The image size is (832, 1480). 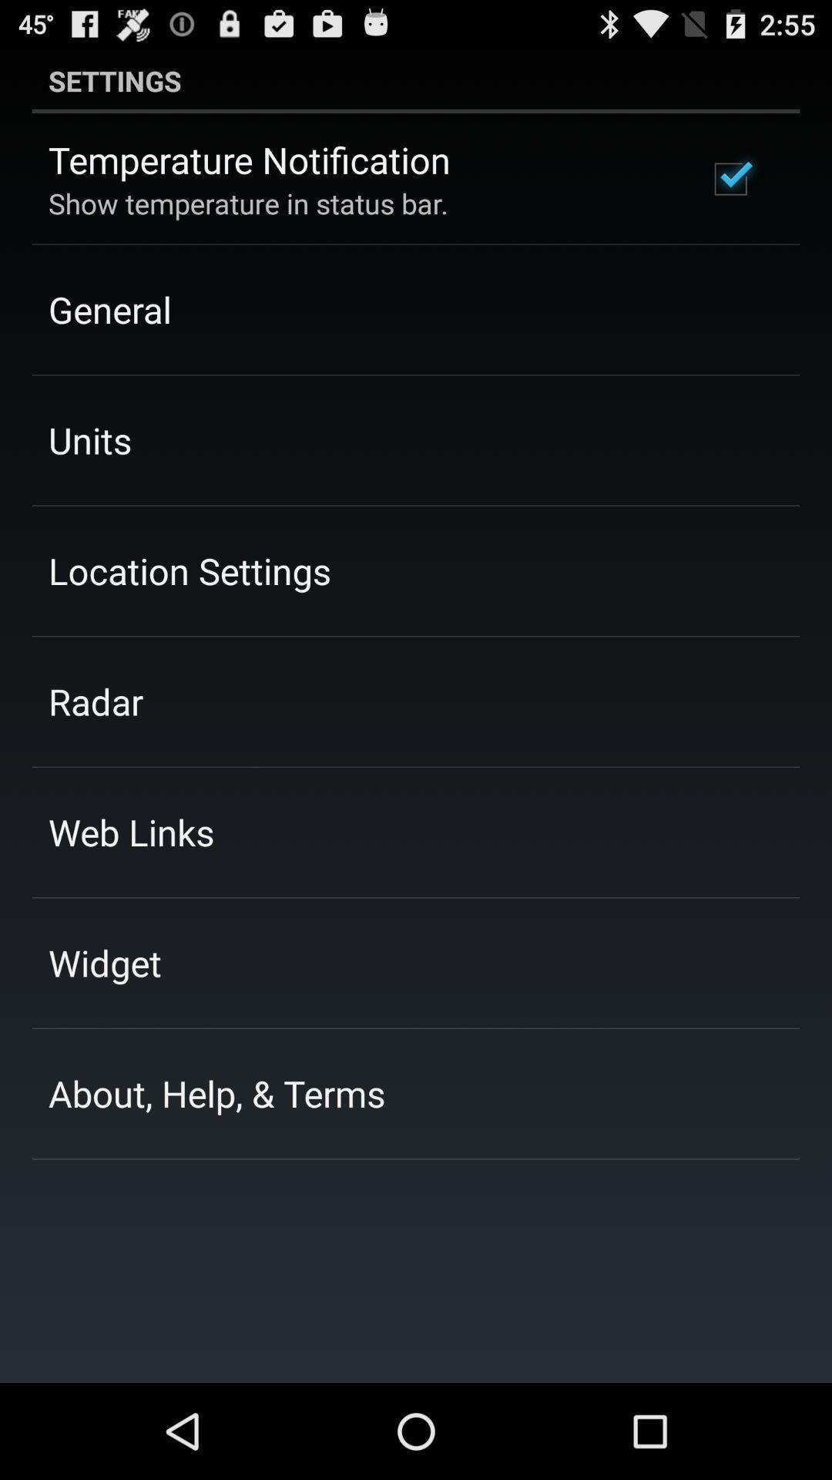 What do you see at coordinates (89, 439) in the screenshot?
I see `the app above the location settings` at bounding box center [89, 439].